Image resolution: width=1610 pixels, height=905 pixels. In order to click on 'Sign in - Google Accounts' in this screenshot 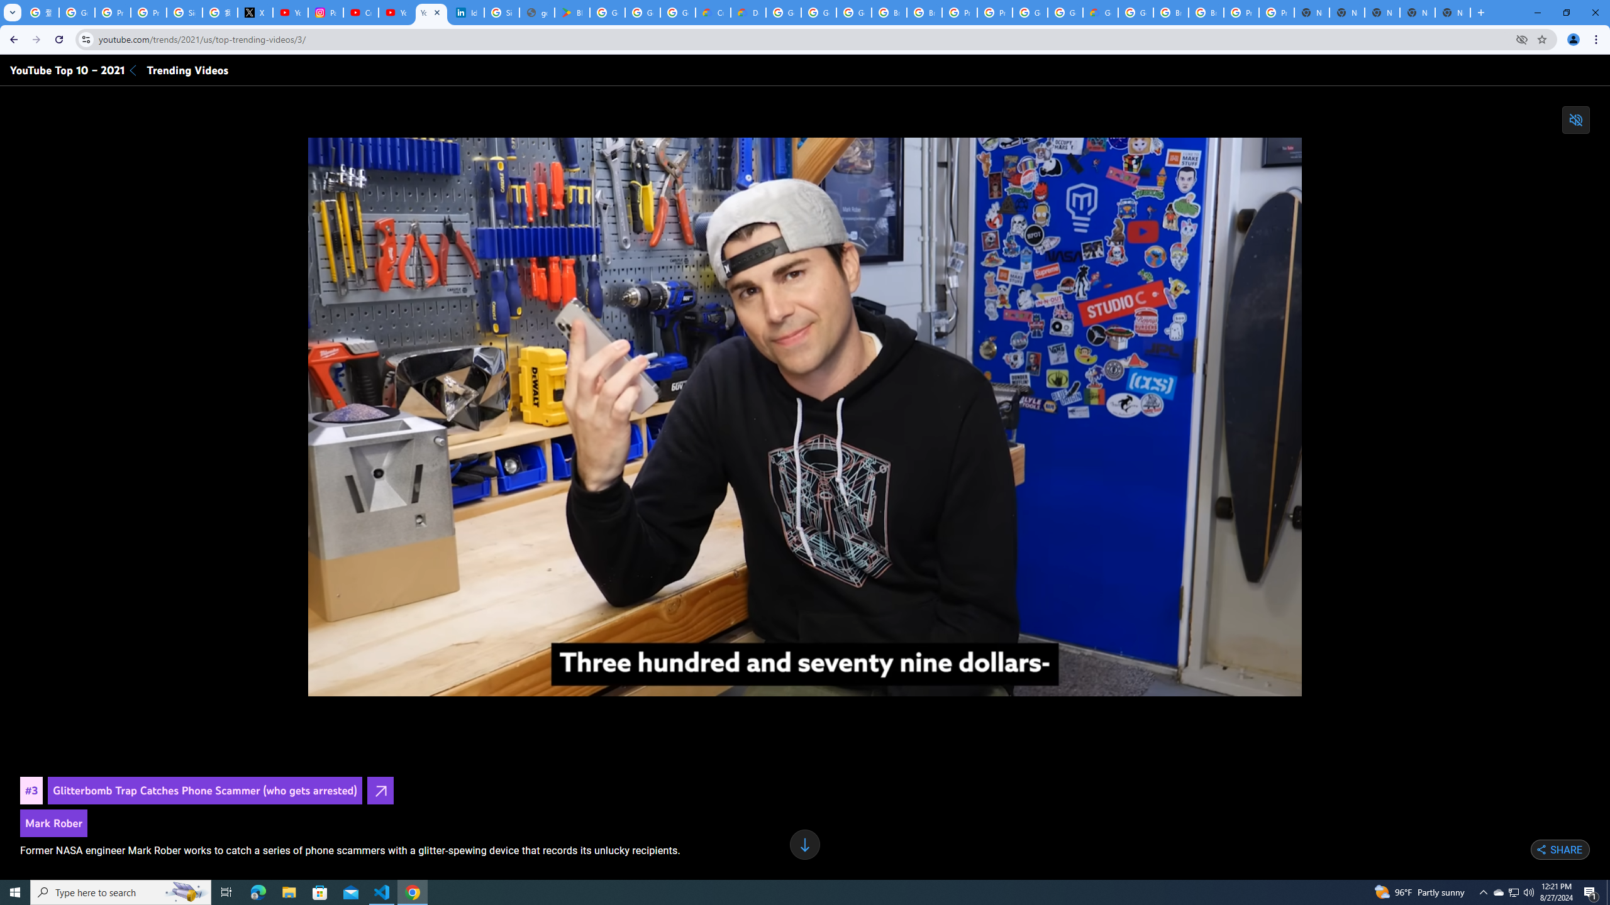, I will do `click(184, 12)`.